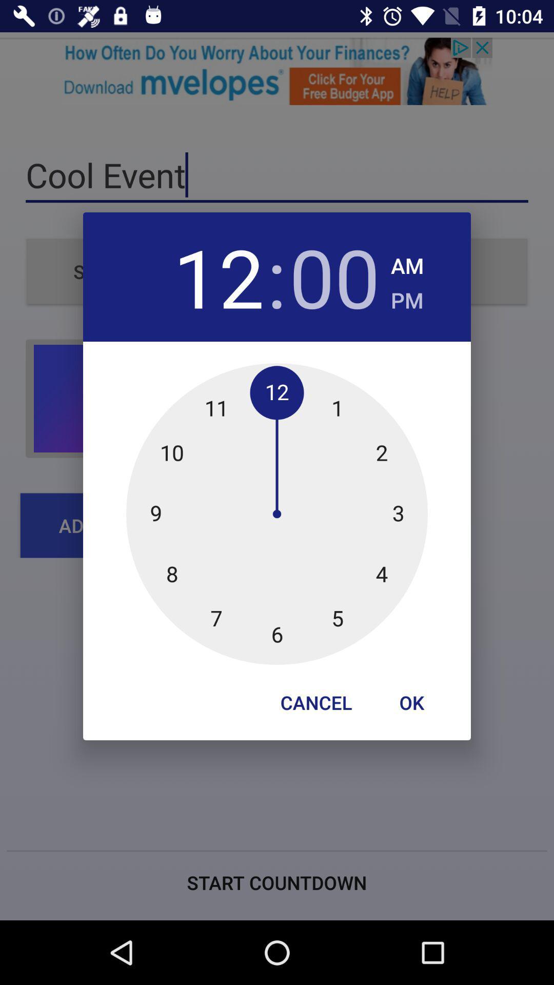  I want to click on am, so click(407, 263).